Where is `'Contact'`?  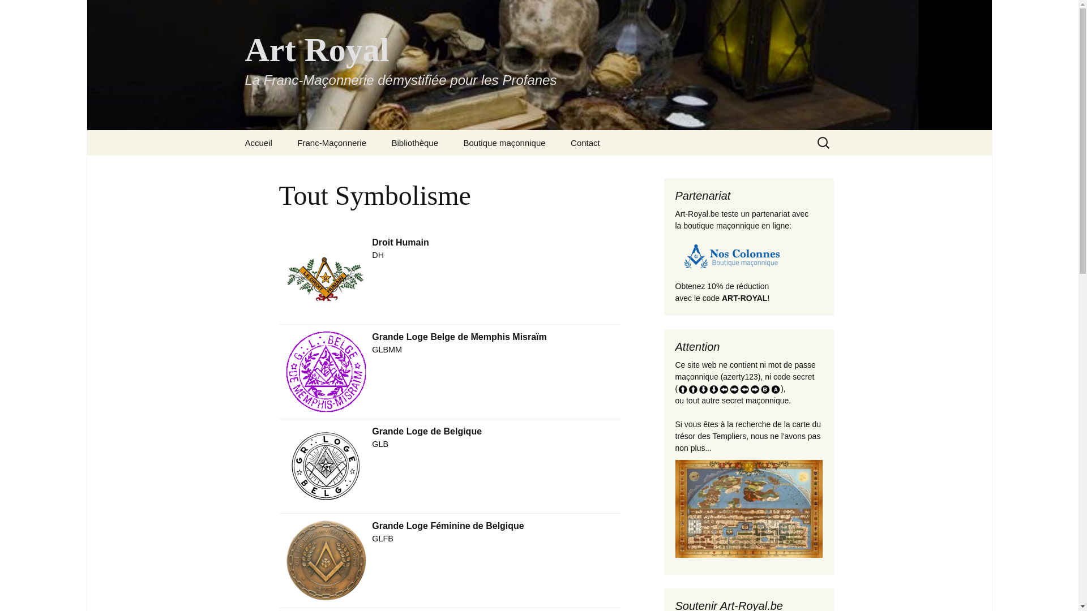 'Contact' is located at coordinates (559, 142).